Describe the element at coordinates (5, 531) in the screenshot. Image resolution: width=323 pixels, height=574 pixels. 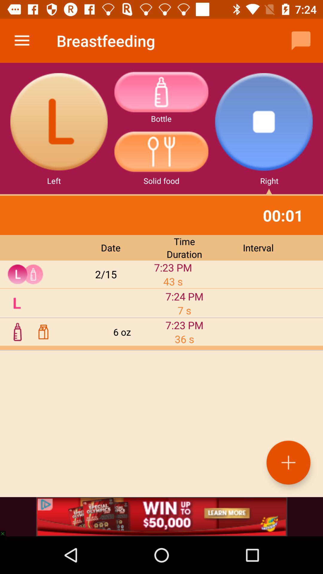
I see `the icon at the bottom left corner` at that location.